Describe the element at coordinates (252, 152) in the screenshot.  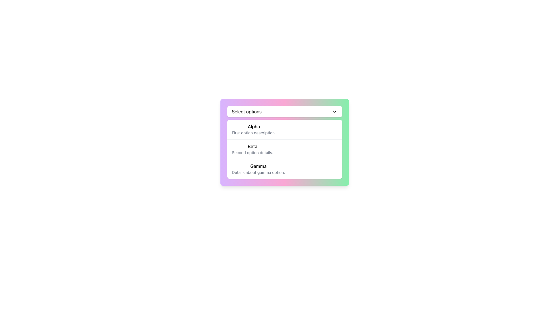
I see `the static text element displaying 'Second option details.' which is located directly beneath the title 'Beta' in the dropdown menu` at that location.